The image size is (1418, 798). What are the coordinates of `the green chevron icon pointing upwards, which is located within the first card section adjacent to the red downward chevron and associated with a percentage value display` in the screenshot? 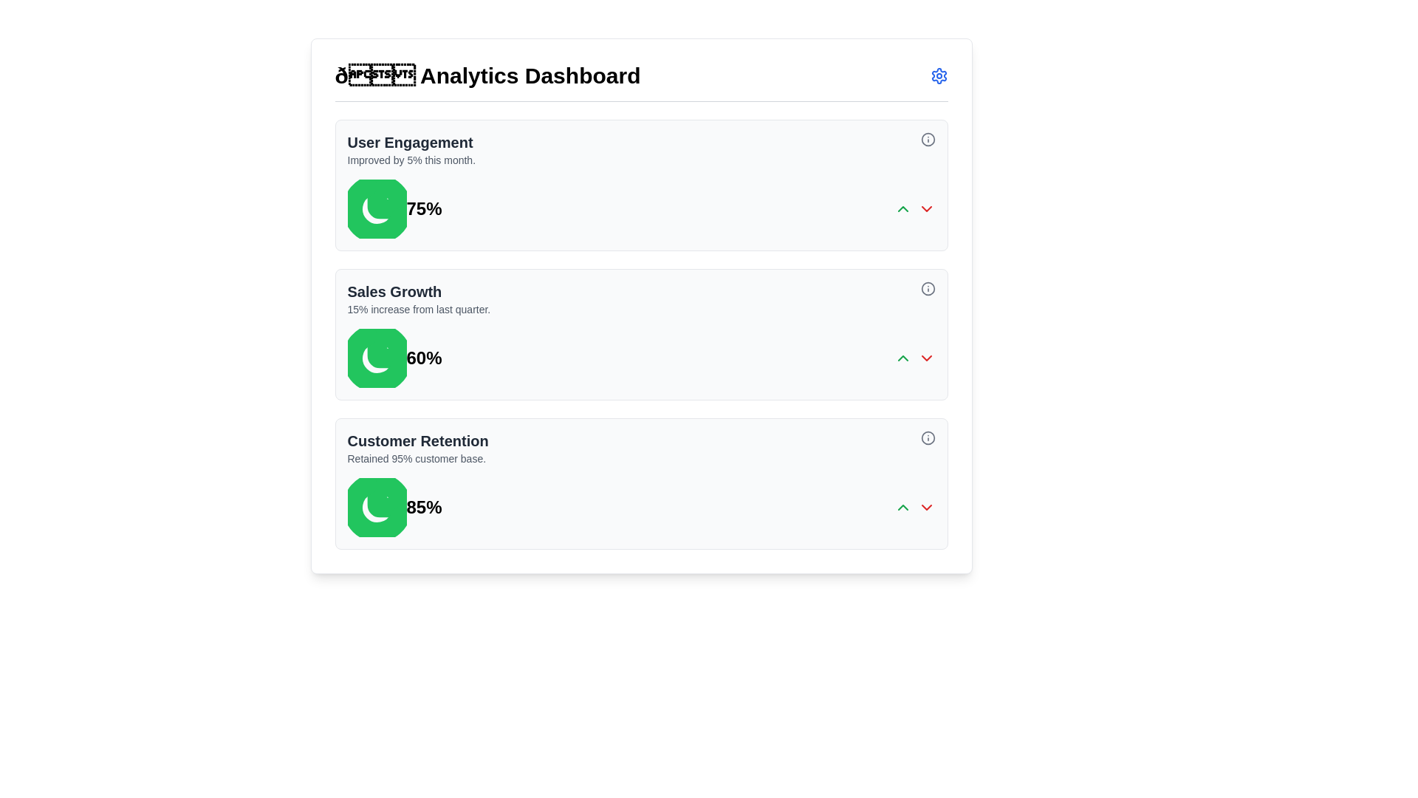 It's located at (902, 208).